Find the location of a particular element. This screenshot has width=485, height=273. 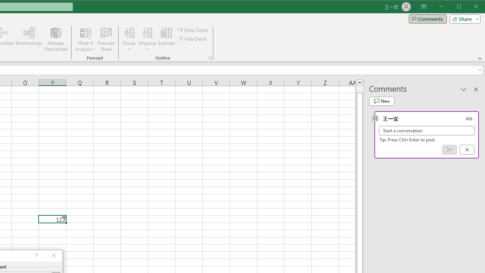

'Ungroup...' is located at coordinates (147, 32).